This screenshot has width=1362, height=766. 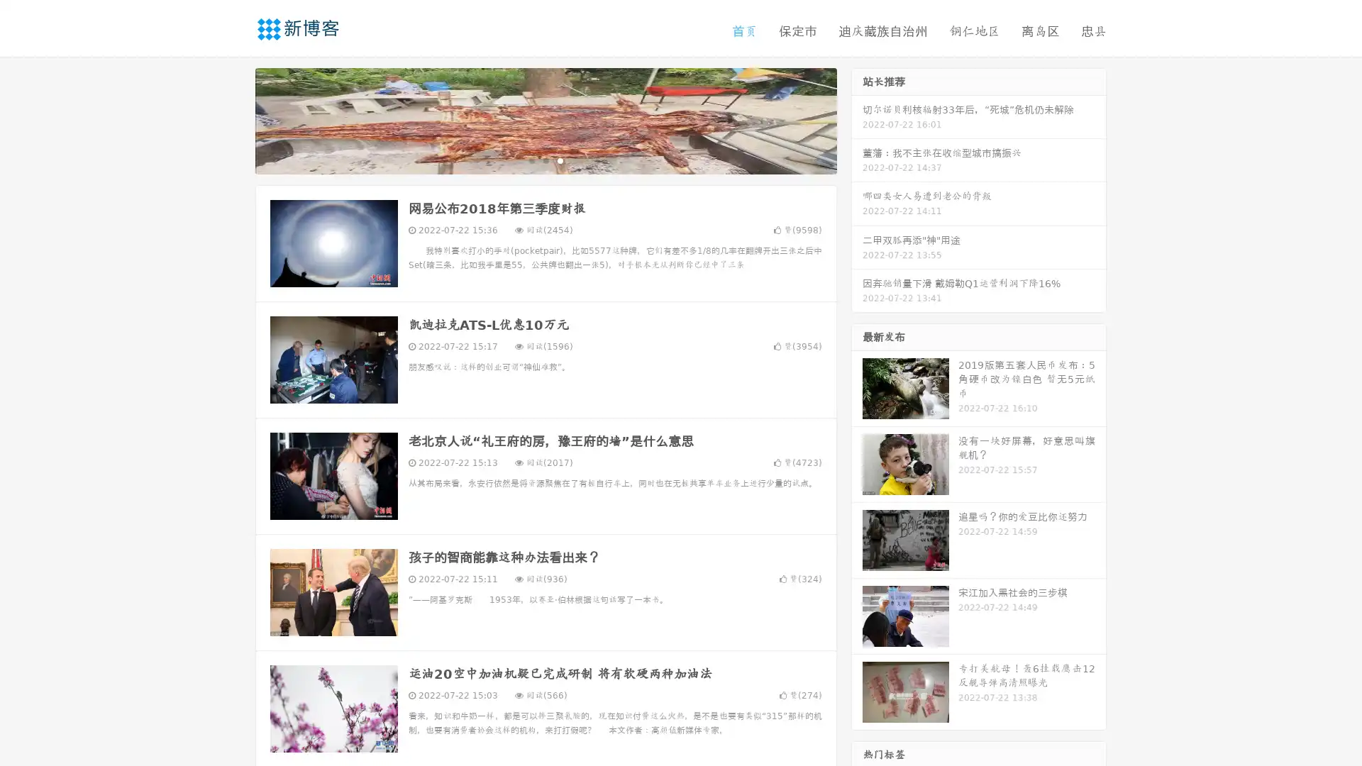 I want to click on Go to slide 3, so click(x=560, y=160).